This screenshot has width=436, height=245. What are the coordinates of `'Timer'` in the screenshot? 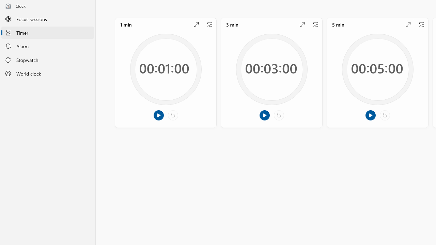 It's located at (47, 32).